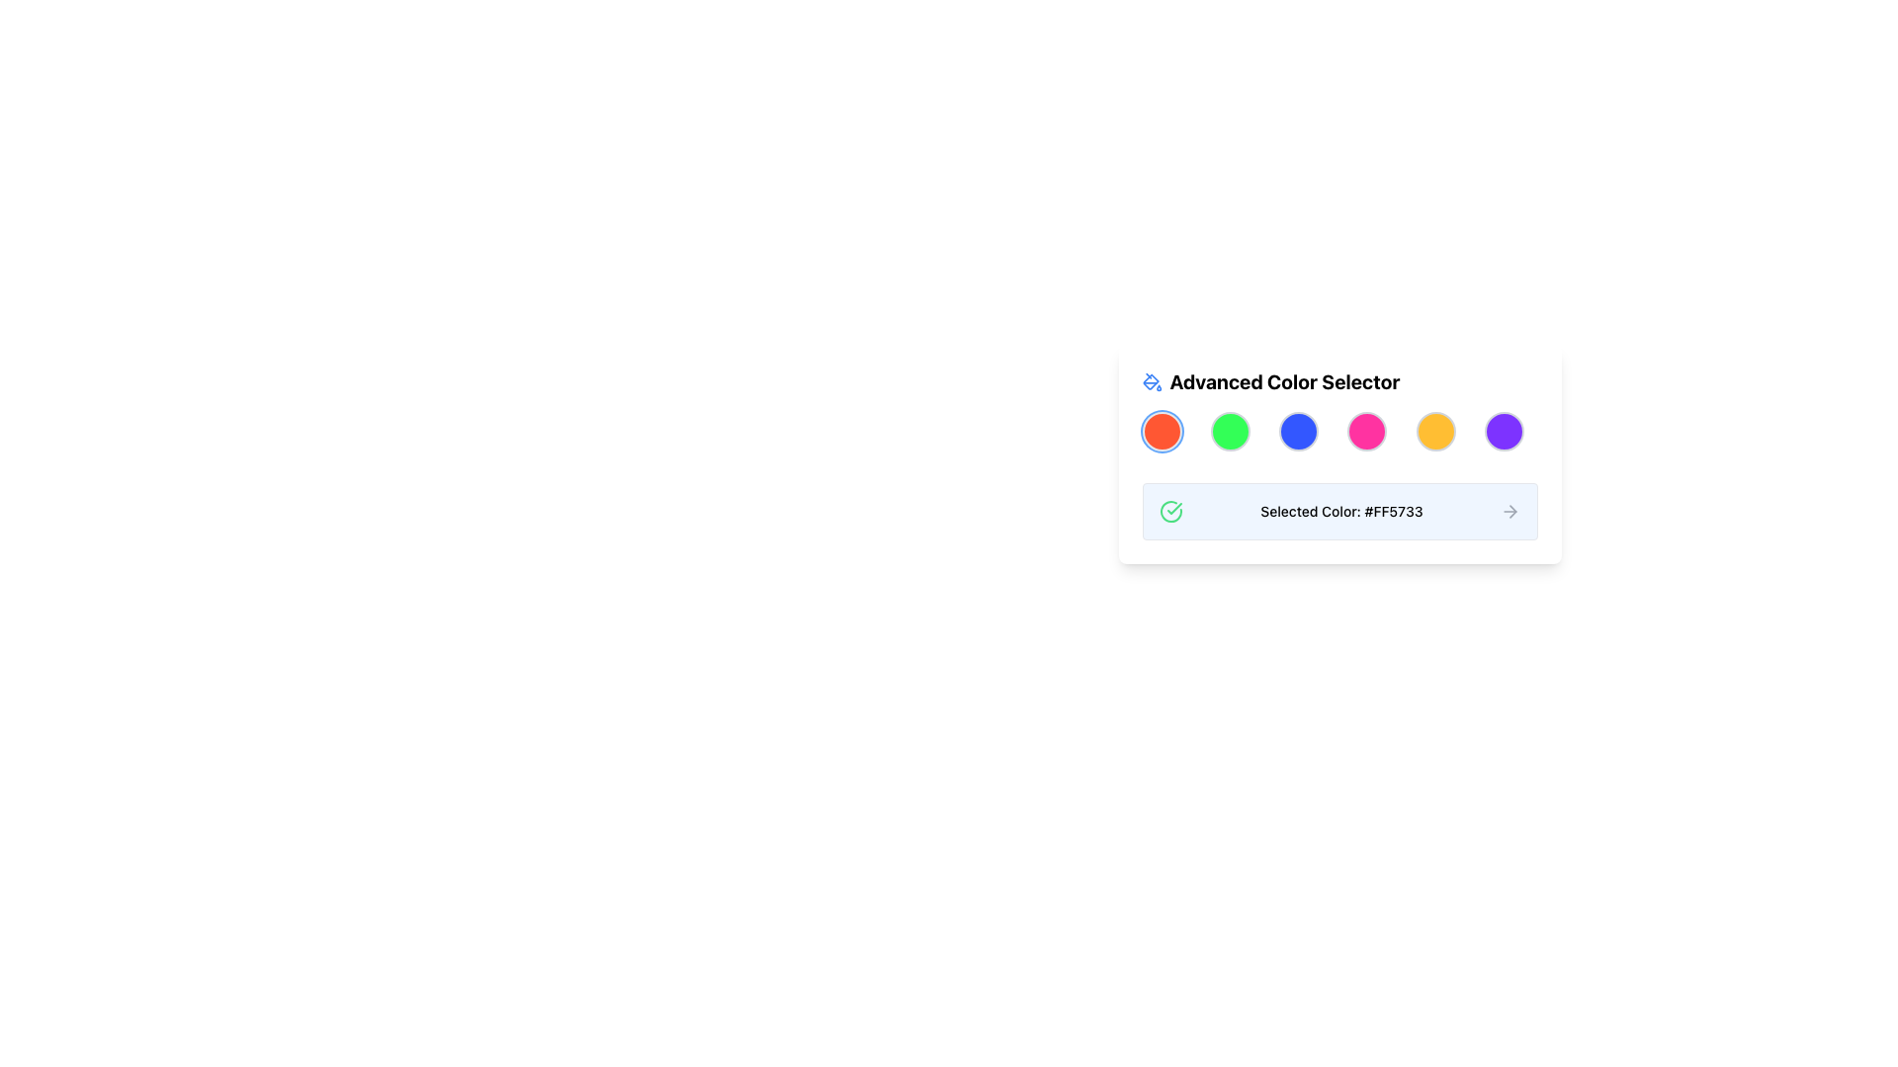 Image resolution: width=1898 pixels, height=1067 pixels. I want to click on the circular golden-yellow button with a gray border, so click(1435, 430).